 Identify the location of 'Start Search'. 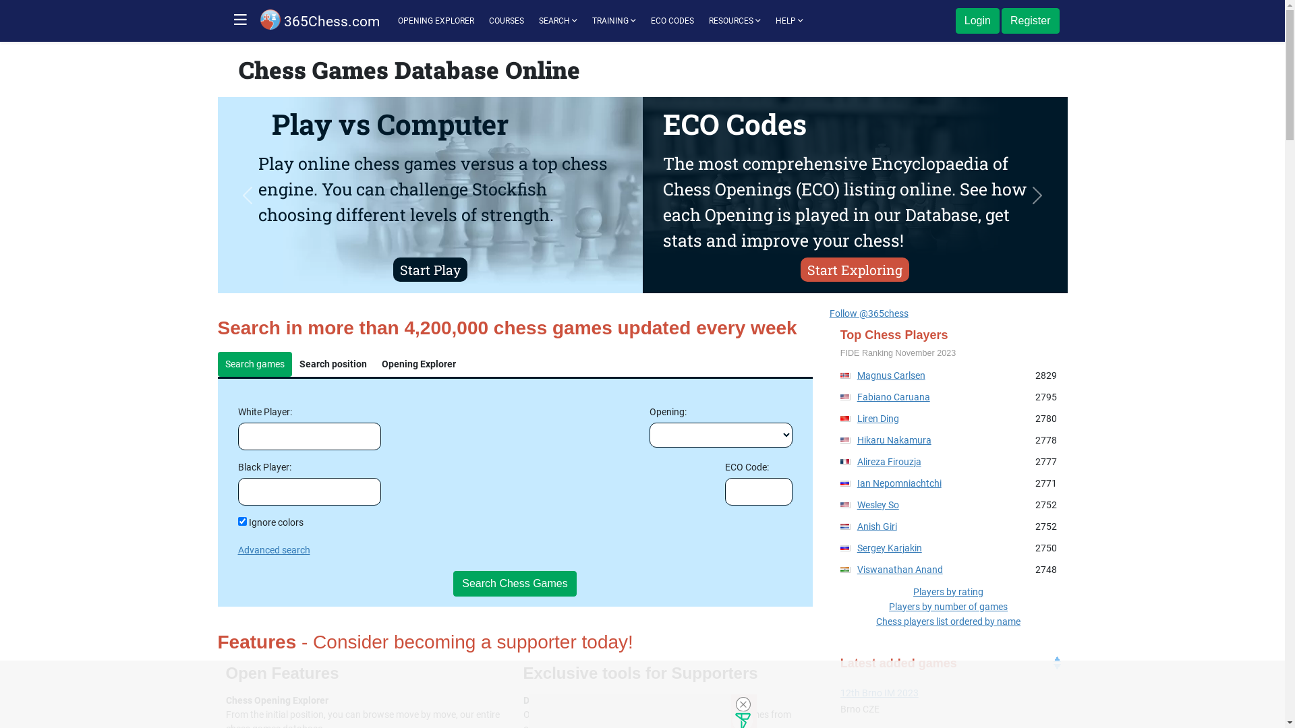
(429, 270).